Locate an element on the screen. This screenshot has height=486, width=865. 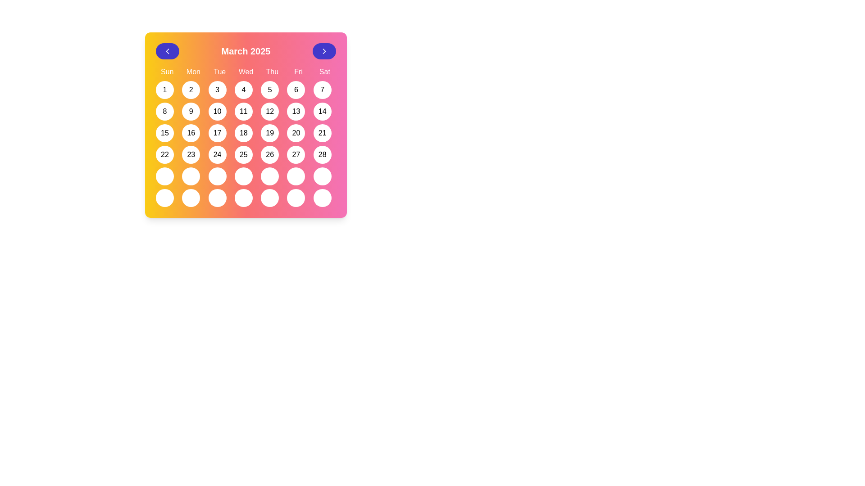
the circular button labeled '21' is located at coordinates (322, 133).